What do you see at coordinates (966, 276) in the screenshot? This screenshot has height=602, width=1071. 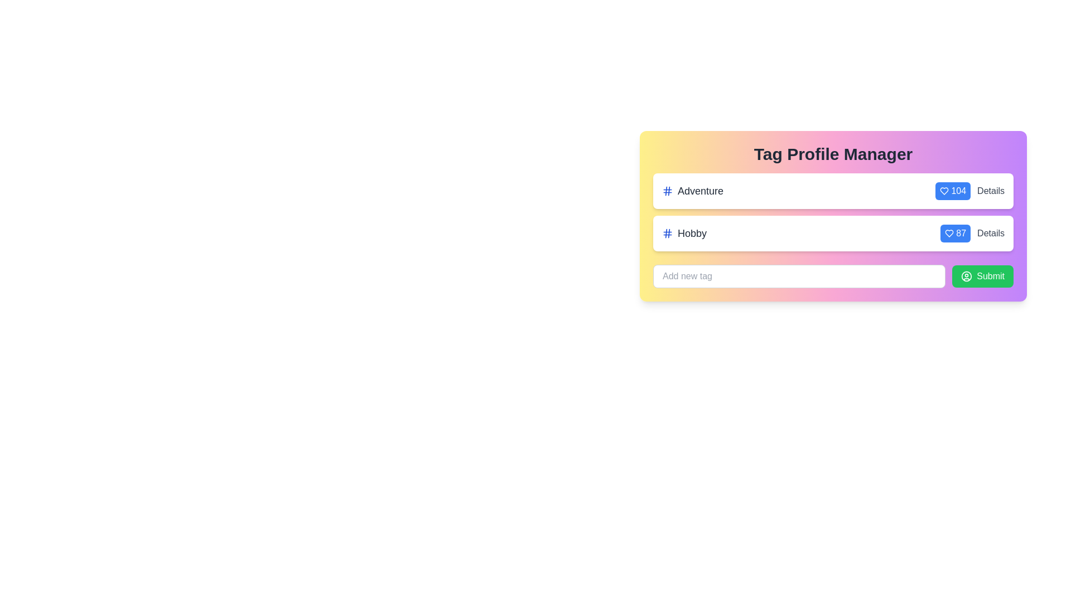 I see `the leftmost component of the green 'Submit' button located at the bottom-right corner of the interface section` at bounding box center [966, 276].